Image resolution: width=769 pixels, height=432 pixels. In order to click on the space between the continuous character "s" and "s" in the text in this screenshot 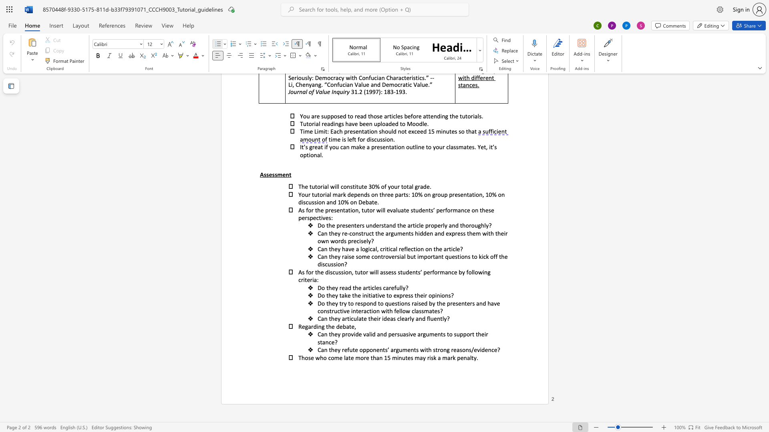, I will do `click(411, 295)`.